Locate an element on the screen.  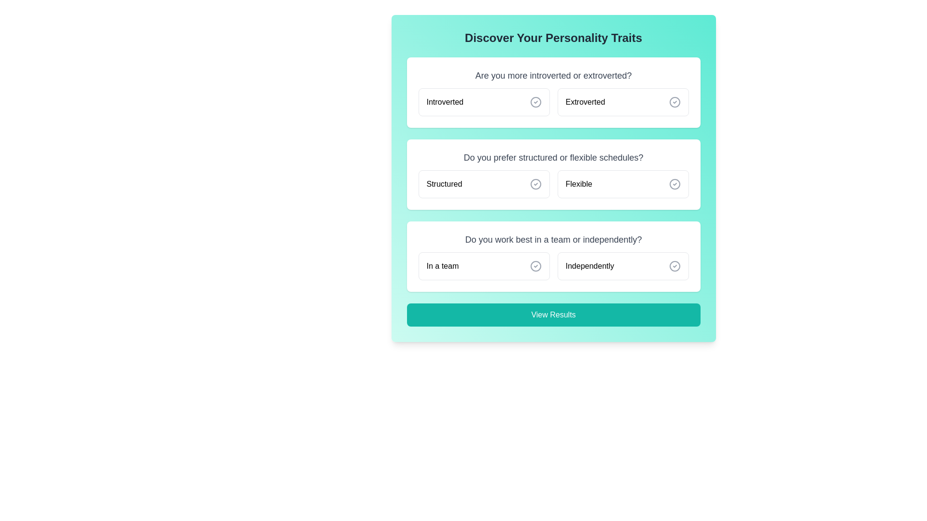
the 'Structured' text label, which is a part of the multiple-choice question in the survey, located in the second question block next to the circular selection control is located at coordinates (444, 184).